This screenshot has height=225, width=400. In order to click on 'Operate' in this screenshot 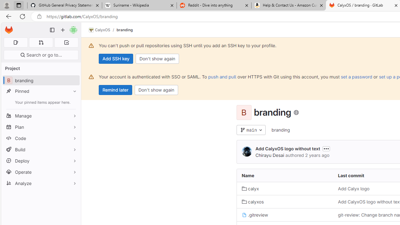, I will do `click(41, 172)`.